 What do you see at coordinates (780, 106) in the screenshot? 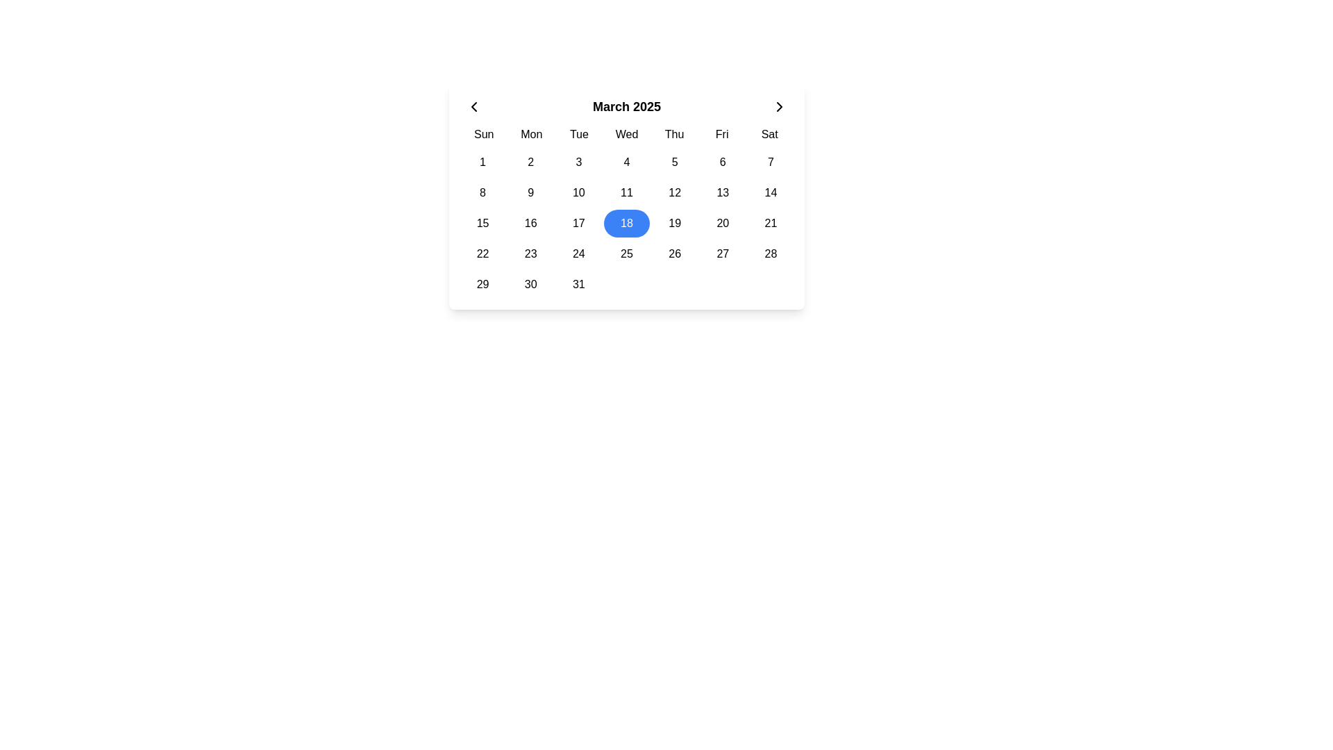
I see `the rightward-pointing chevron icon button located in the top-right corner of the calendar interface adjacent to the label 'March 2025'` at bounding box center [780, 106].